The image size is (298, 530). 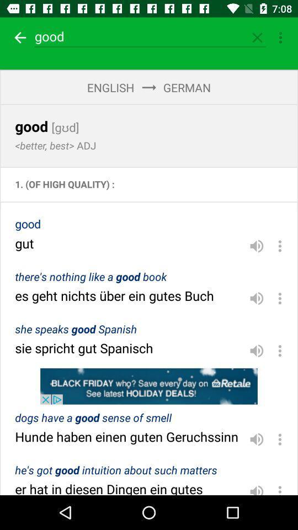 I want to click on option, so click(x=257, y=38).